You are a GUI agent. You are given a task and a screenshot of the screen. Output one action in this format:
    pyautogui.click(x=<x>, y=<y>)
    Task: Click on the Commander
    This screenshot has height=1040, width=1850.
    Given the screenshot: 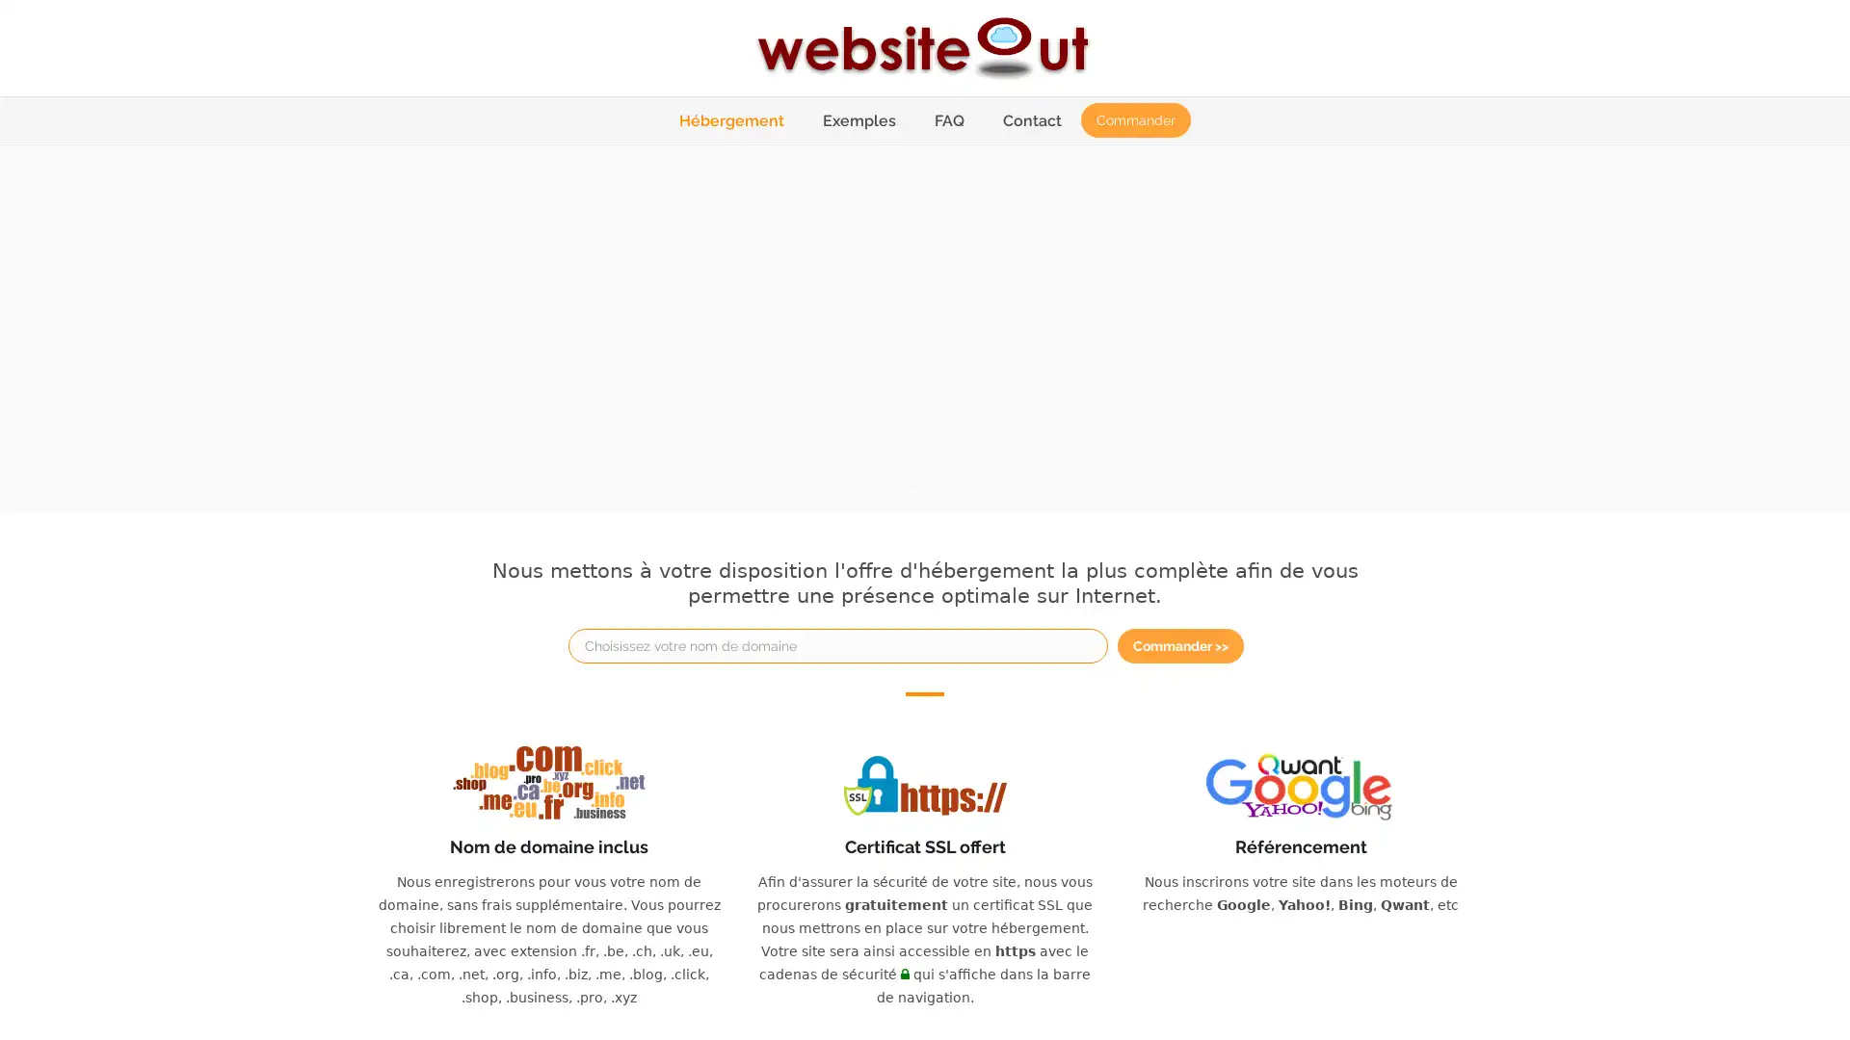 What is the action you would take?
    pyautogui.click(x=1134, y=119)
    